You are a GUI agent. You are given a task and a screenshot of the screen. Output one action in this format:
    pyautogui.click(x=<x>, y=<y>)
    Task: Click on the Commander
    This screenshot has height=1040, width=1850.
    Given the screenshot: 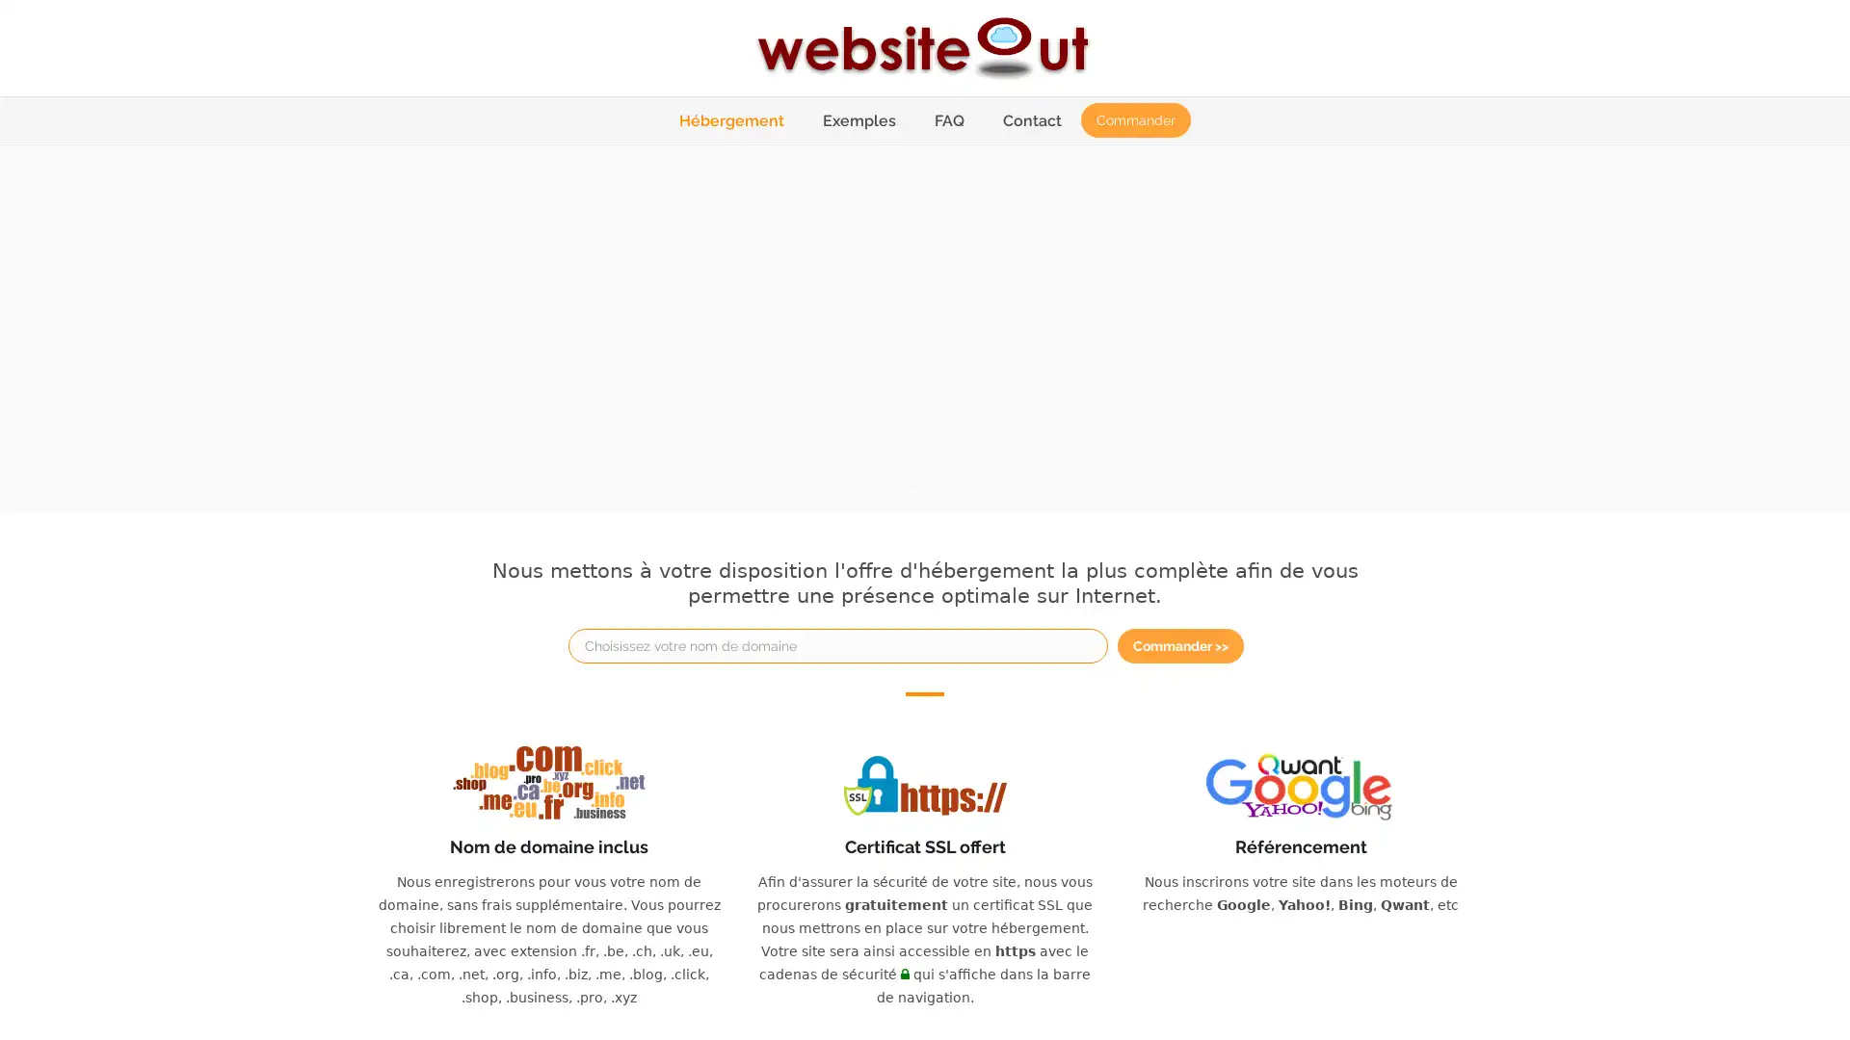 What is the action you would take?
    pyautogui.click(x=1134, y=119)
    